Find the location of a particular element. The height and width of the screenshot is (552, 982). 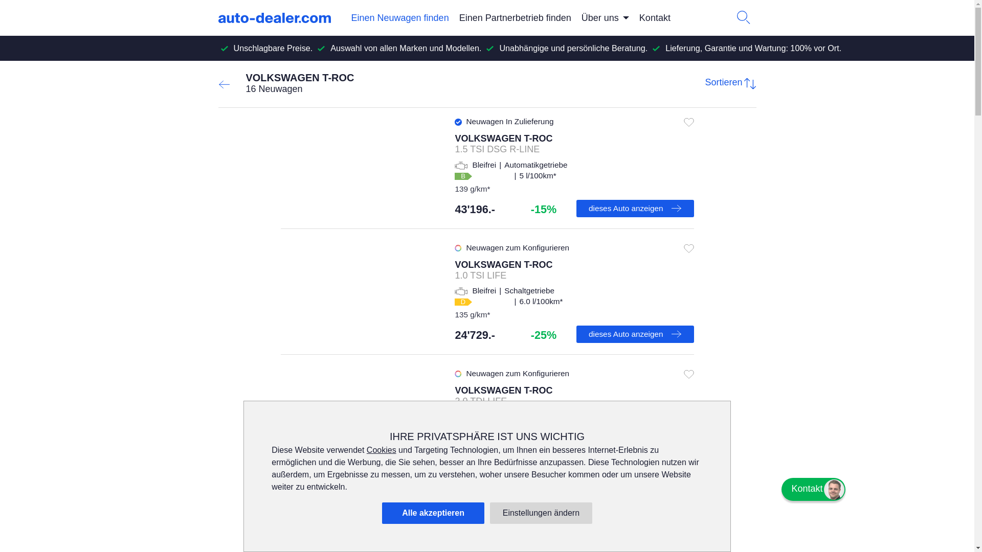

'Cookies' is located at coordinates (366, 449).